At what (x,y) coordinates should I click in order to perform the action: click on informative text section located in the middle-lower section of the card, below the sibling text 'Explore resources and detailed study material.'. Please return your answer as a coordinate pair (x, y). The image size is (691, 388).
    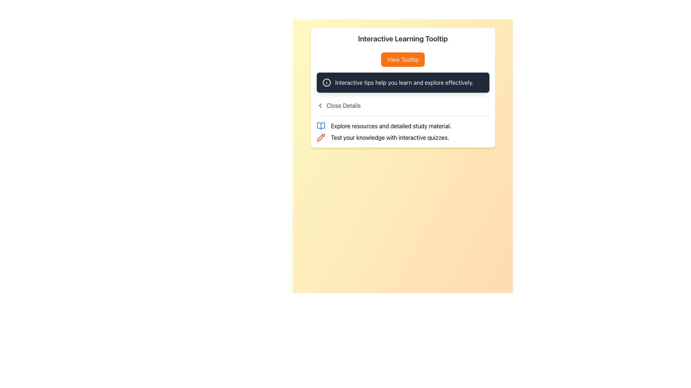
    Looking at the image, I should click on (402, 137).